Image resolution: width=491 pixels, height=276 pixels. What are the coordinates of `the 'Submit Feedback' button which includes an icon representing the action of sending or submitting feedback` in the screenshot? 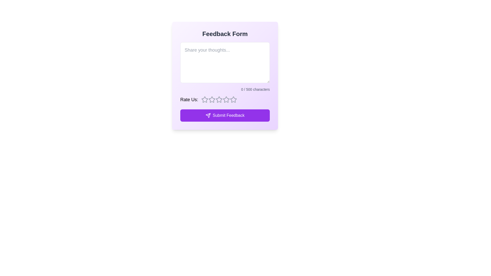 It's located at (208, 115).